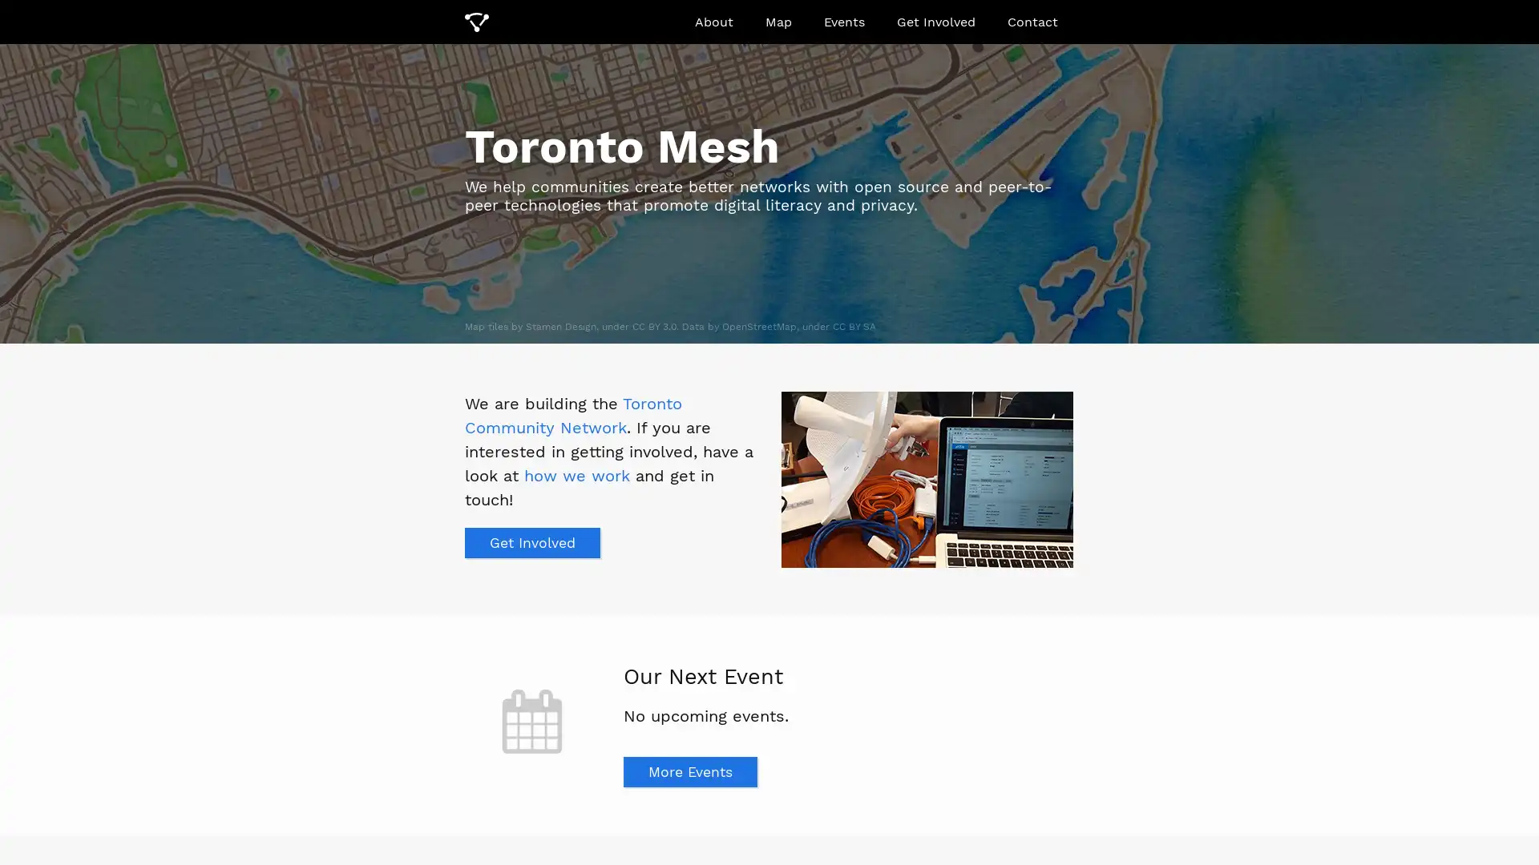 The height and width of the screenshot is (865, 1539). Describe the element at coordinates (532, 542) in the screenshot. I see `Get Involved` at that location.